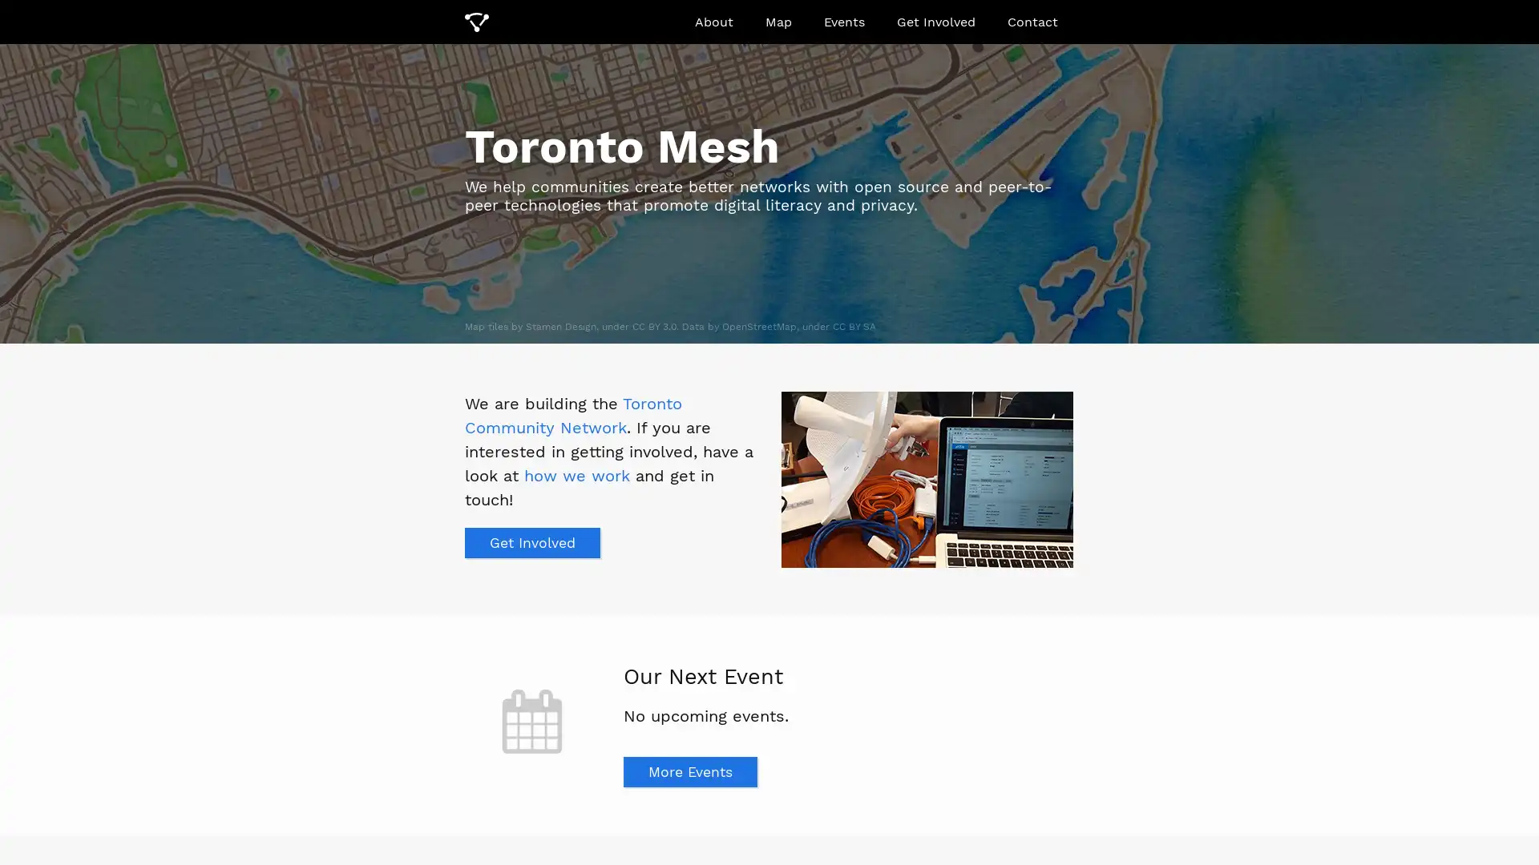 The height and width of the screenshot is (865, 1539). Describe the element at coordinates (532, 542) in the screenshot. I see `Get Involved` at that location.